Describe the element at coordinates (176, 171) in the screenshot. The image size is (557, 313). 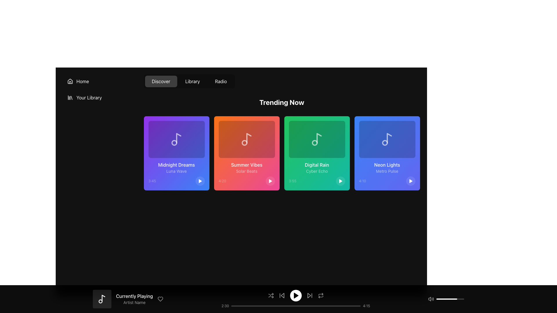
I see `the text label displaying 'Luna Wave' which is positioned below the 'Midnight Dreams' label in the card layout` at that location.